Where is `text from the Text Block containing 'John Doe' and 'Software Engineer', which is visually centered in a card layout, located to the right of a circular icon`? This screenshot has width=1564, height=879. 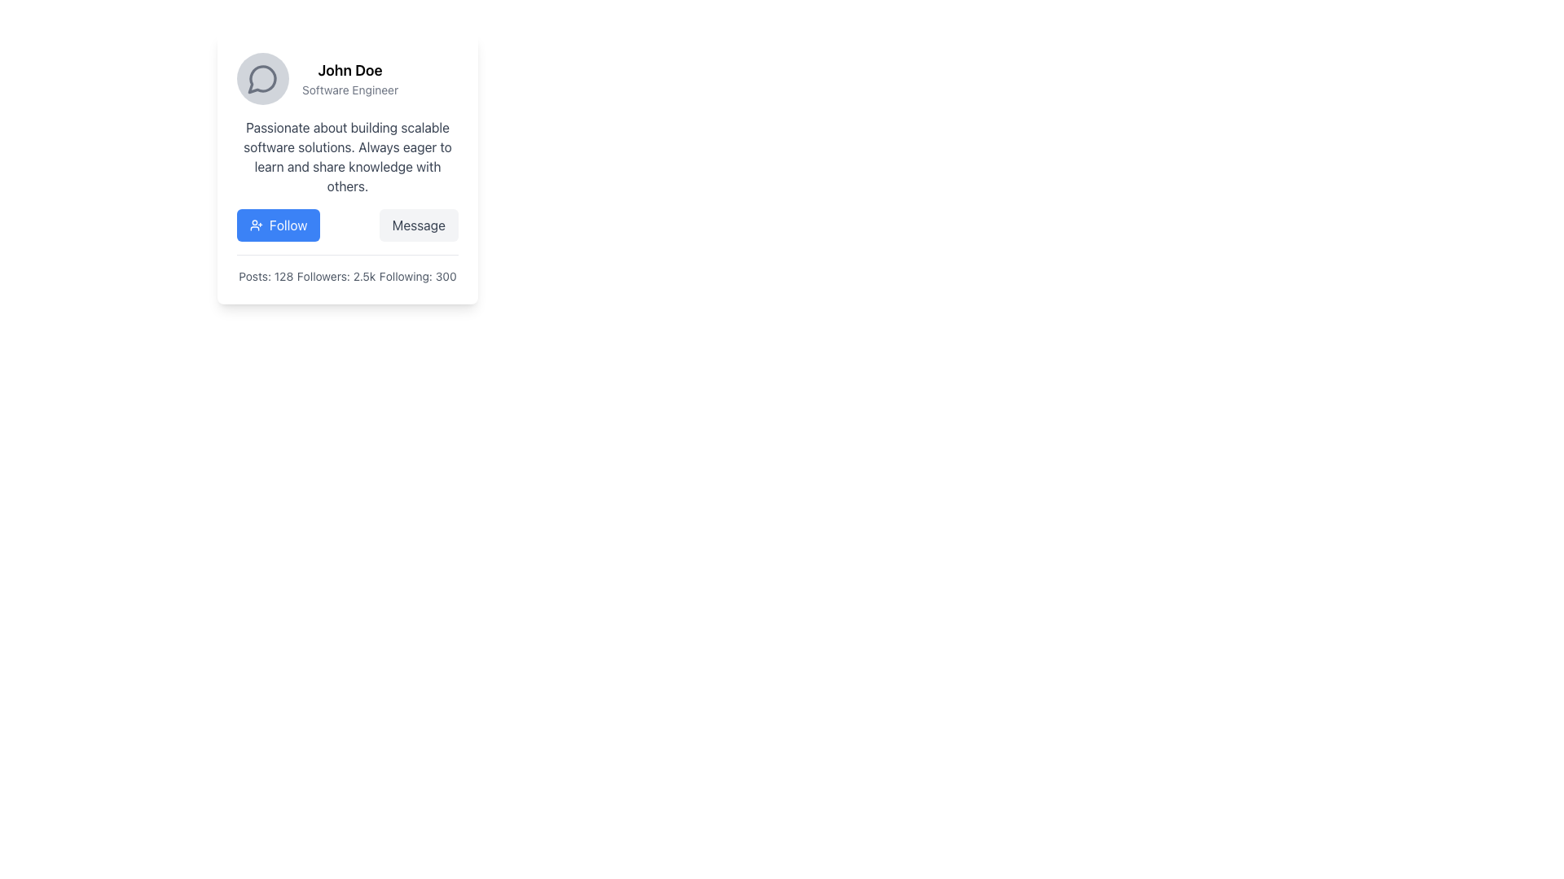
text from the Text Block containing 'John Doe' and 'Software Engineer', which is visually centered in a card layout, located to the right of a circular icon is located at coordinates (349, 78).